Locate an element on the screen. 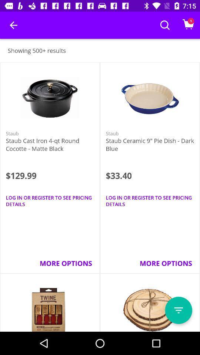 This screenshot has height=355, width=200. the icon at top right corner of the page is located at coordinates (188, 24).